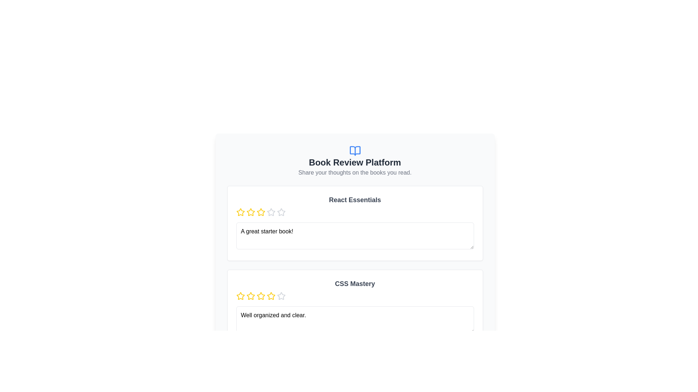  I want to click on the second yellow star-shaped rating icon in the rating section for the book 'CSS Mastery', so click(250, 296).